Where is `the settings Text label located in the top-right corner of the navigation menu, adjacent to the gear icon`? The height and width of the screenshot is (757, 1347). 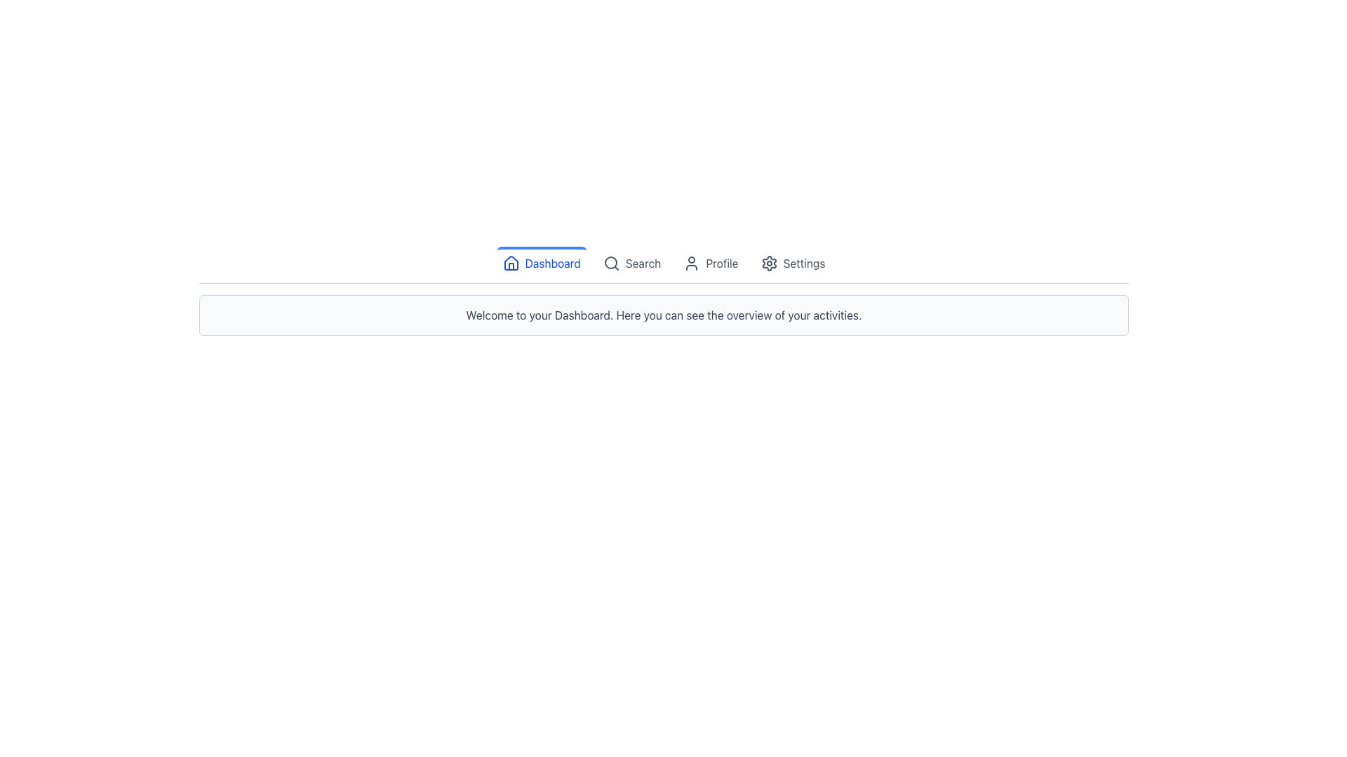 the settings Text label located in the top-right corner of the navigation menu, adjacent to the gear icon is located at coordinates (804, 263).